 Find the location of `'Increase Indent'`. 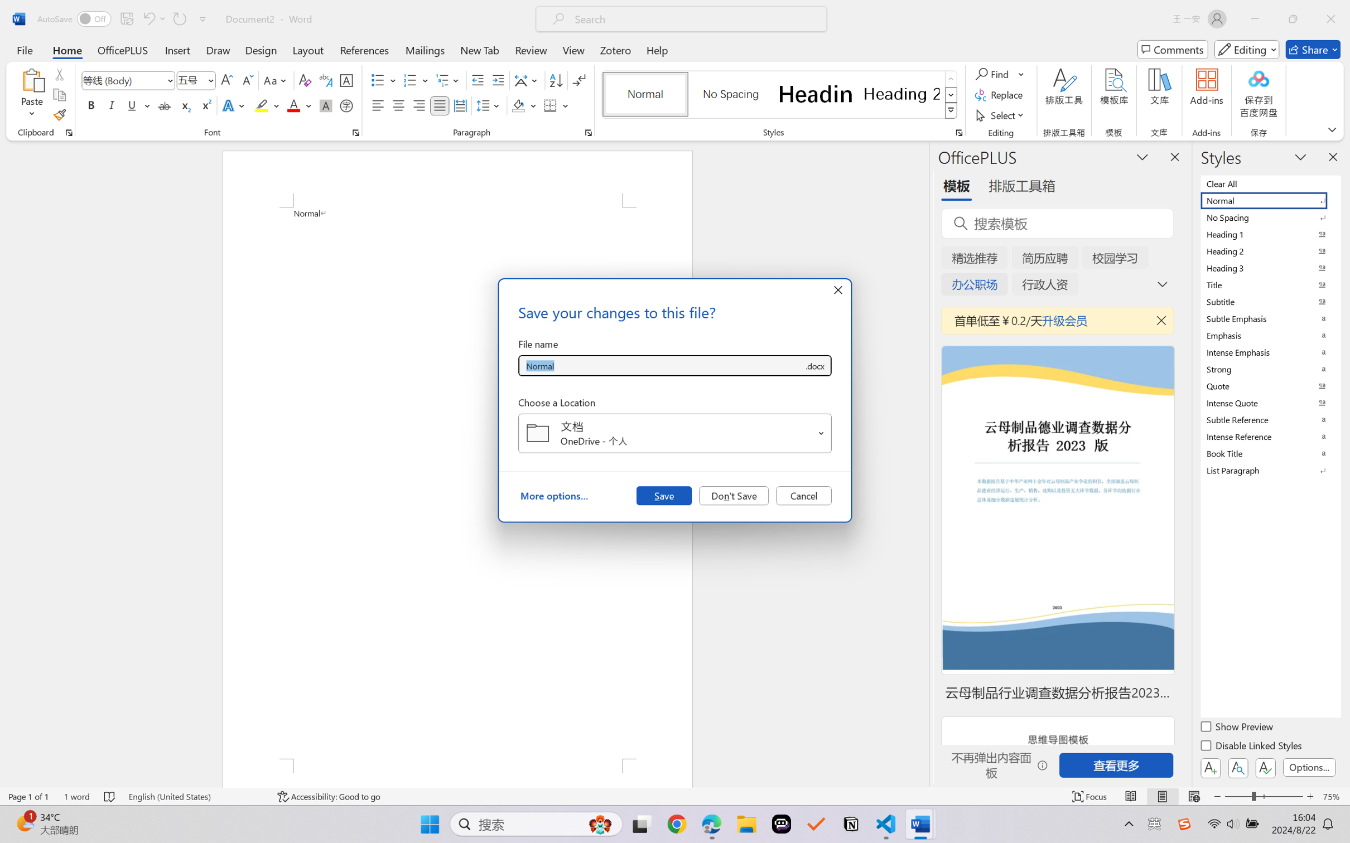

'Increase Indent' is located at coordinates (498, 80).